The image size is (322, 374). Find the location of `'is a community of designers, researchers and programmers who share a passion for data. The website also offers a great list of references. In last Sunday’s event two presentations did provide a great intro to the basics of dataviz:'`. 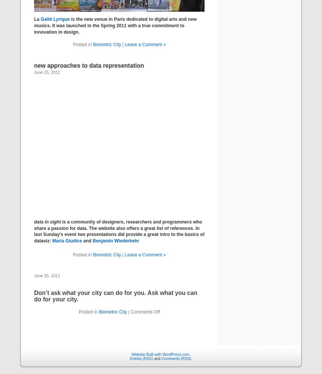

'is a community of designers, researchers and programmers who share a passion for data. The website also offers a great list of references. In last Sunday’s event two presentations did provide a great intro to the basics of dataviz:' is located at coordinates (34, 231).